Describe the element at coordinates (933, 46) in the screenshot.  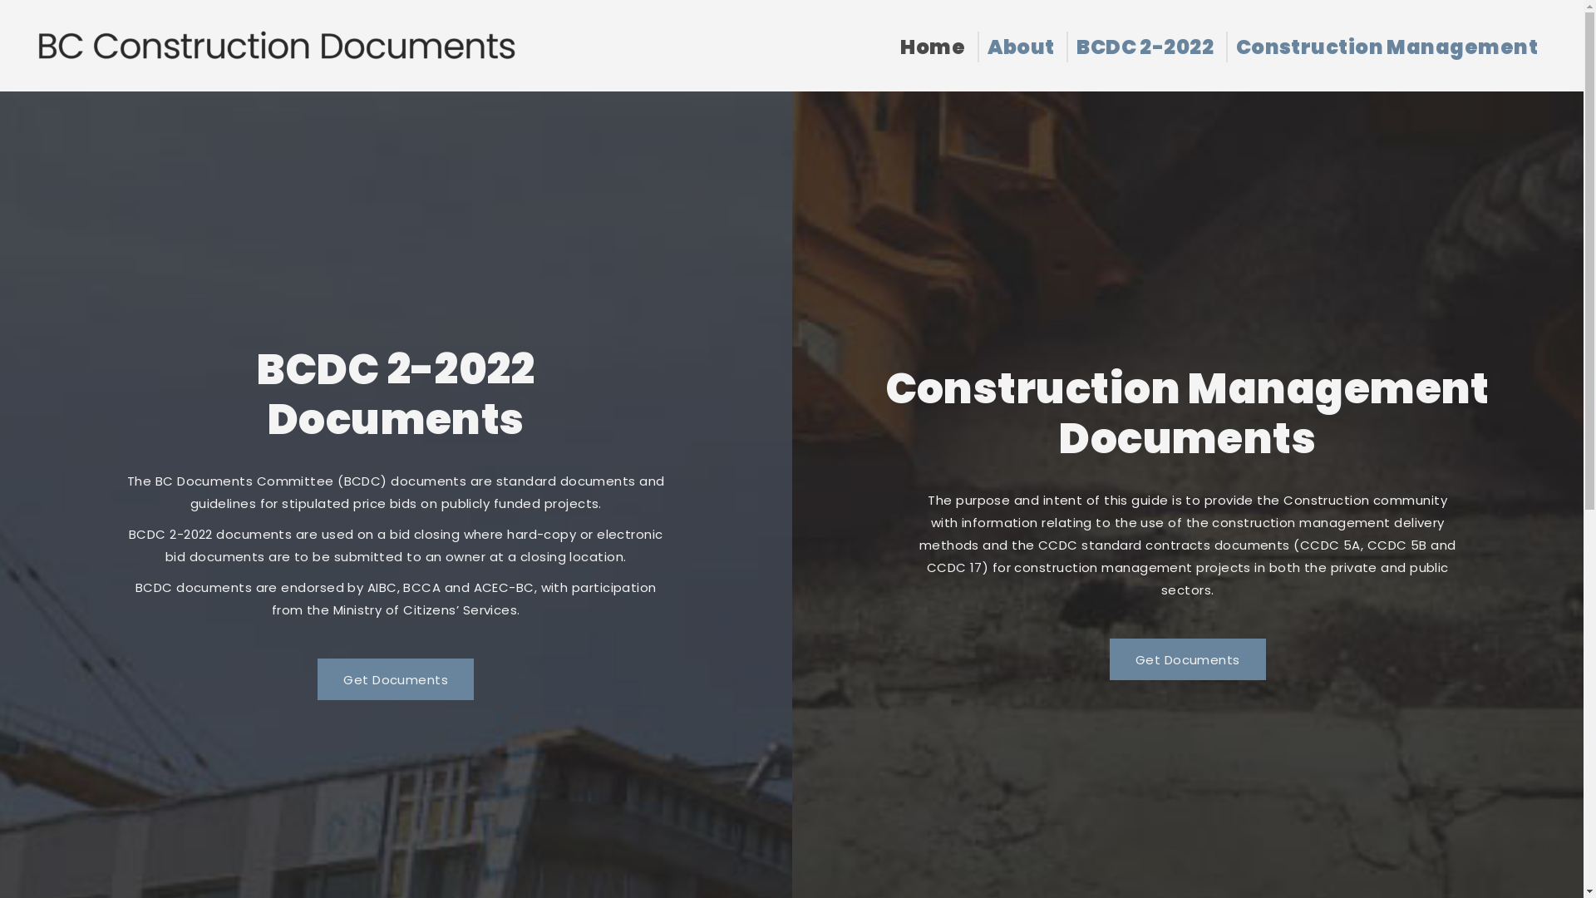
I see `'Home'` at that location.